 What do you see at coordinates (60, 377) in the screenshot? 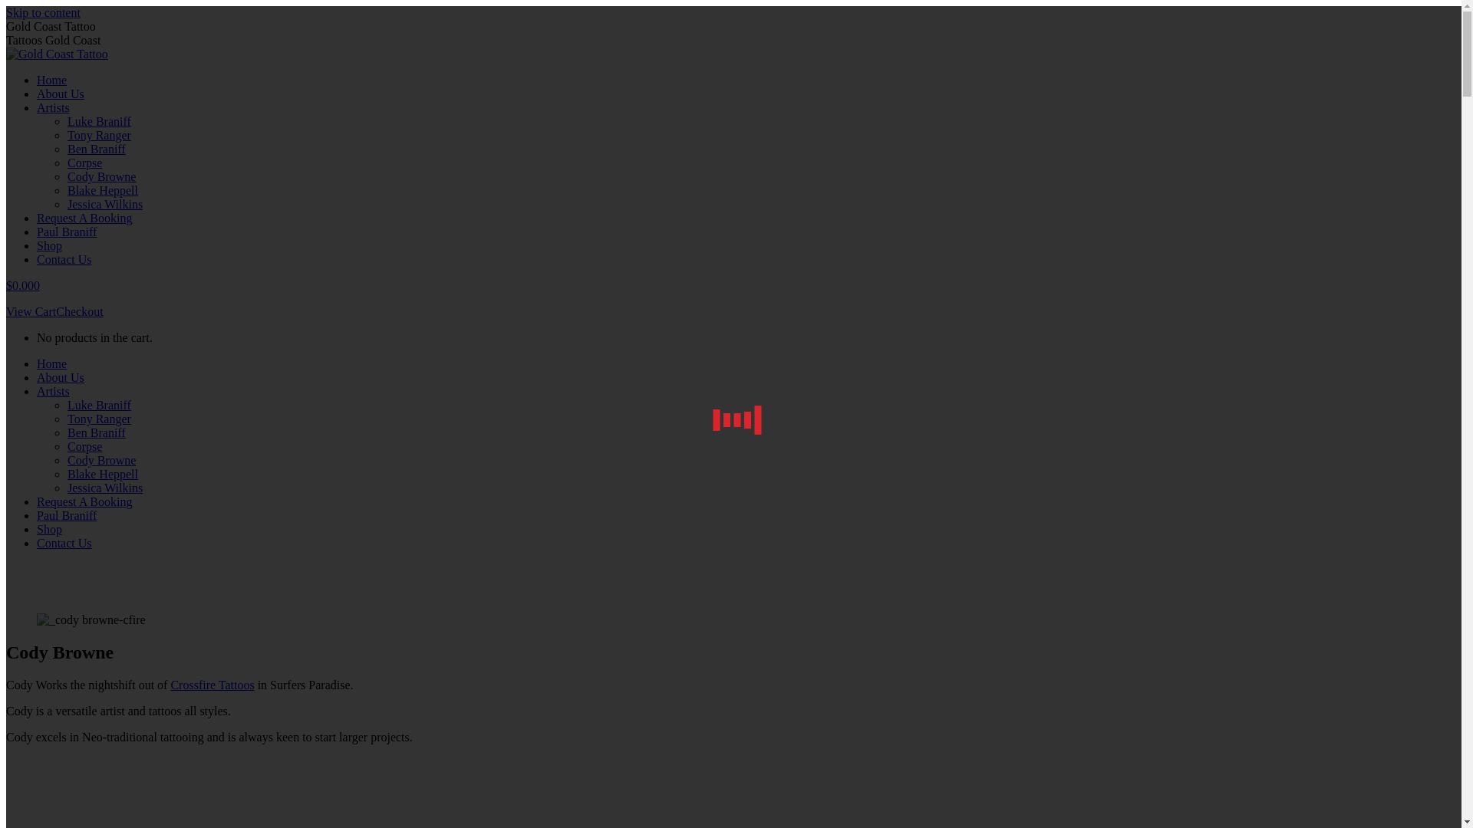
I see `'About Us'` at bounding box center [60, 377].